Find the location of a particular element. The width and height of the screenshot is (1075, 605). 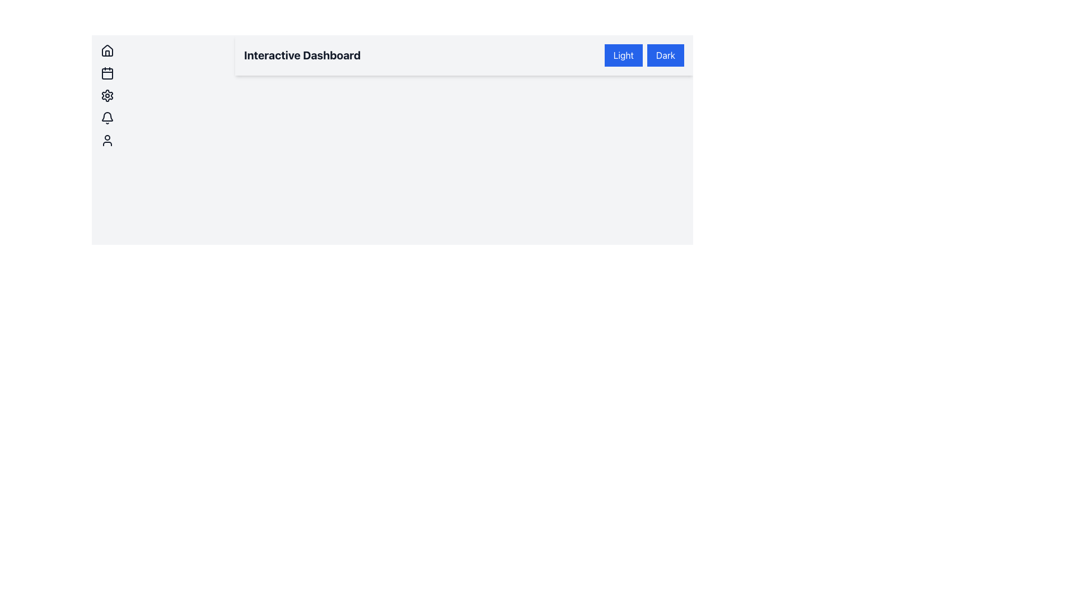

the fifth icon button in the vertical stack on the left side of the interface is located at coordinates (107, 139).